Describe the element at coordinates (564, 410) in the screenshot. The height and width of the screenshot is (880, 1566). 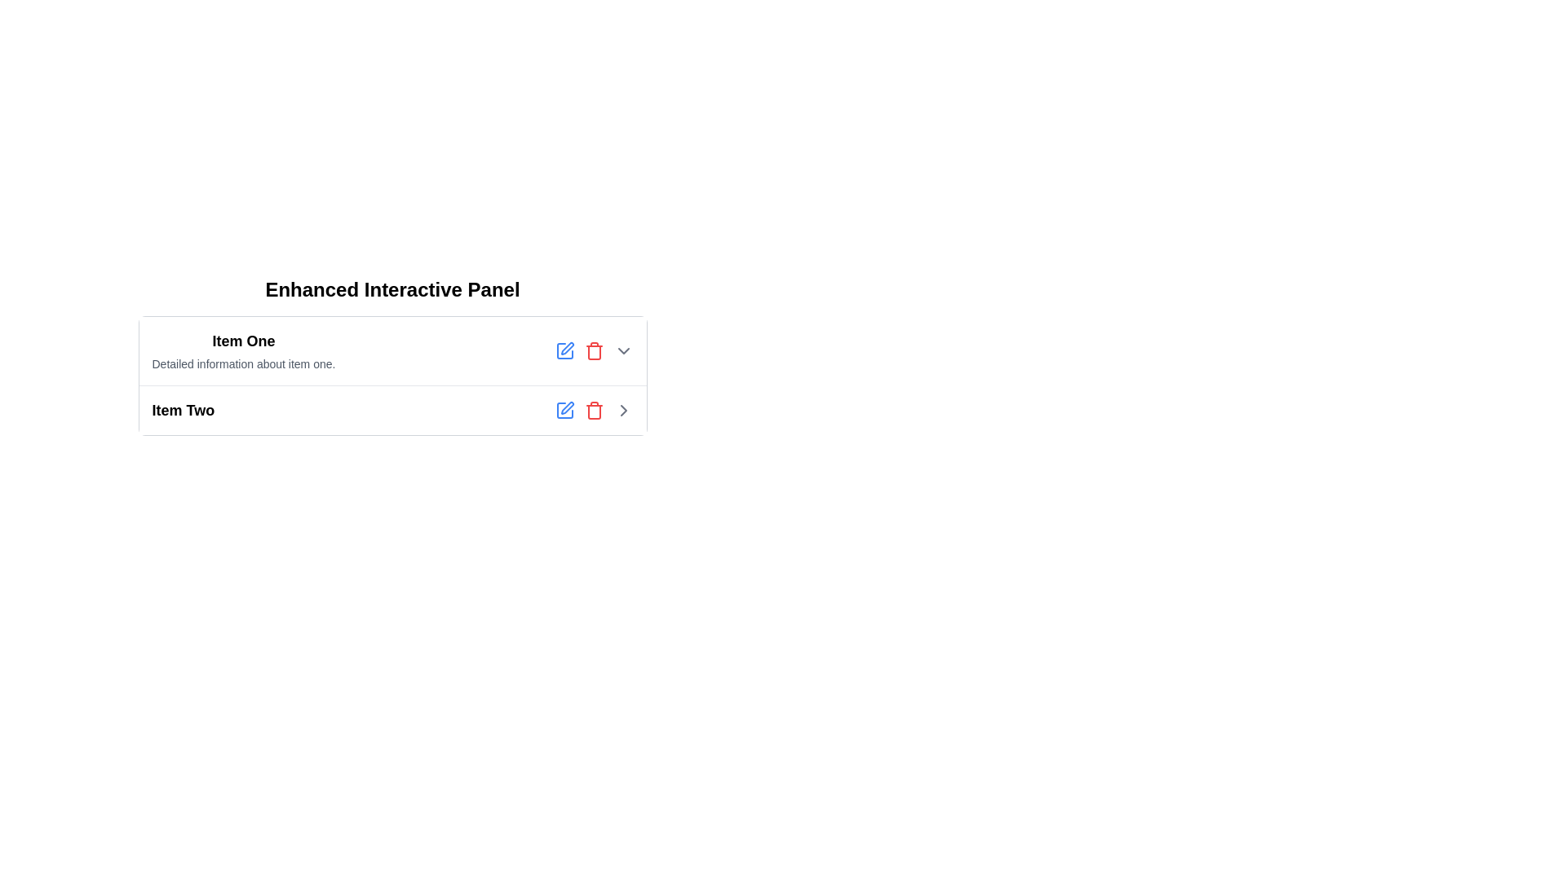
I see `the leftmost icon button representing the edit action for 'Item Two' to initiate the edit functionality` at that location.